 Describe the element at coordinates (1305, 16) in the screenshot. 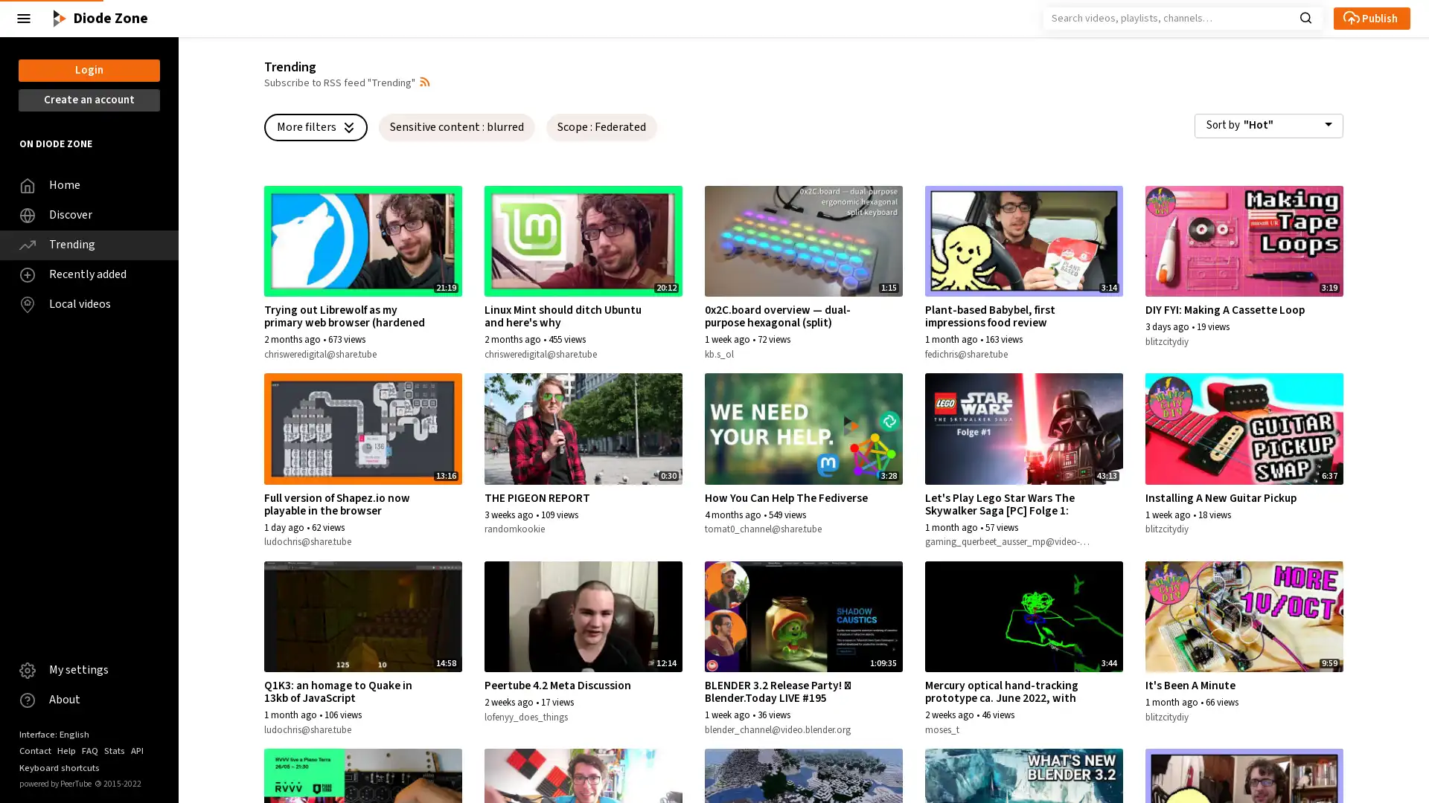

I see `Search` at that location.